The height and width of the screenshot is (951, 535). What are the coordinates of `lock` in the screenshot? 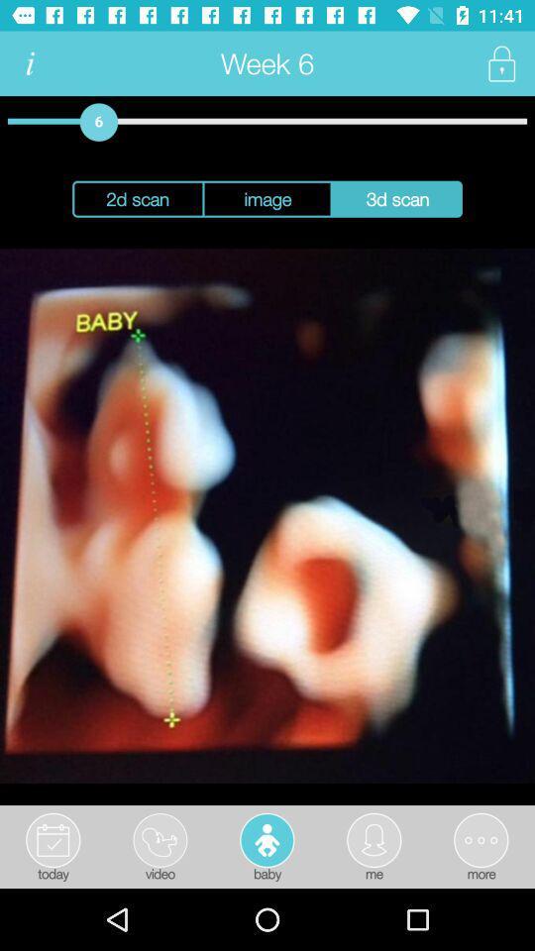 It's located at (500, 63).